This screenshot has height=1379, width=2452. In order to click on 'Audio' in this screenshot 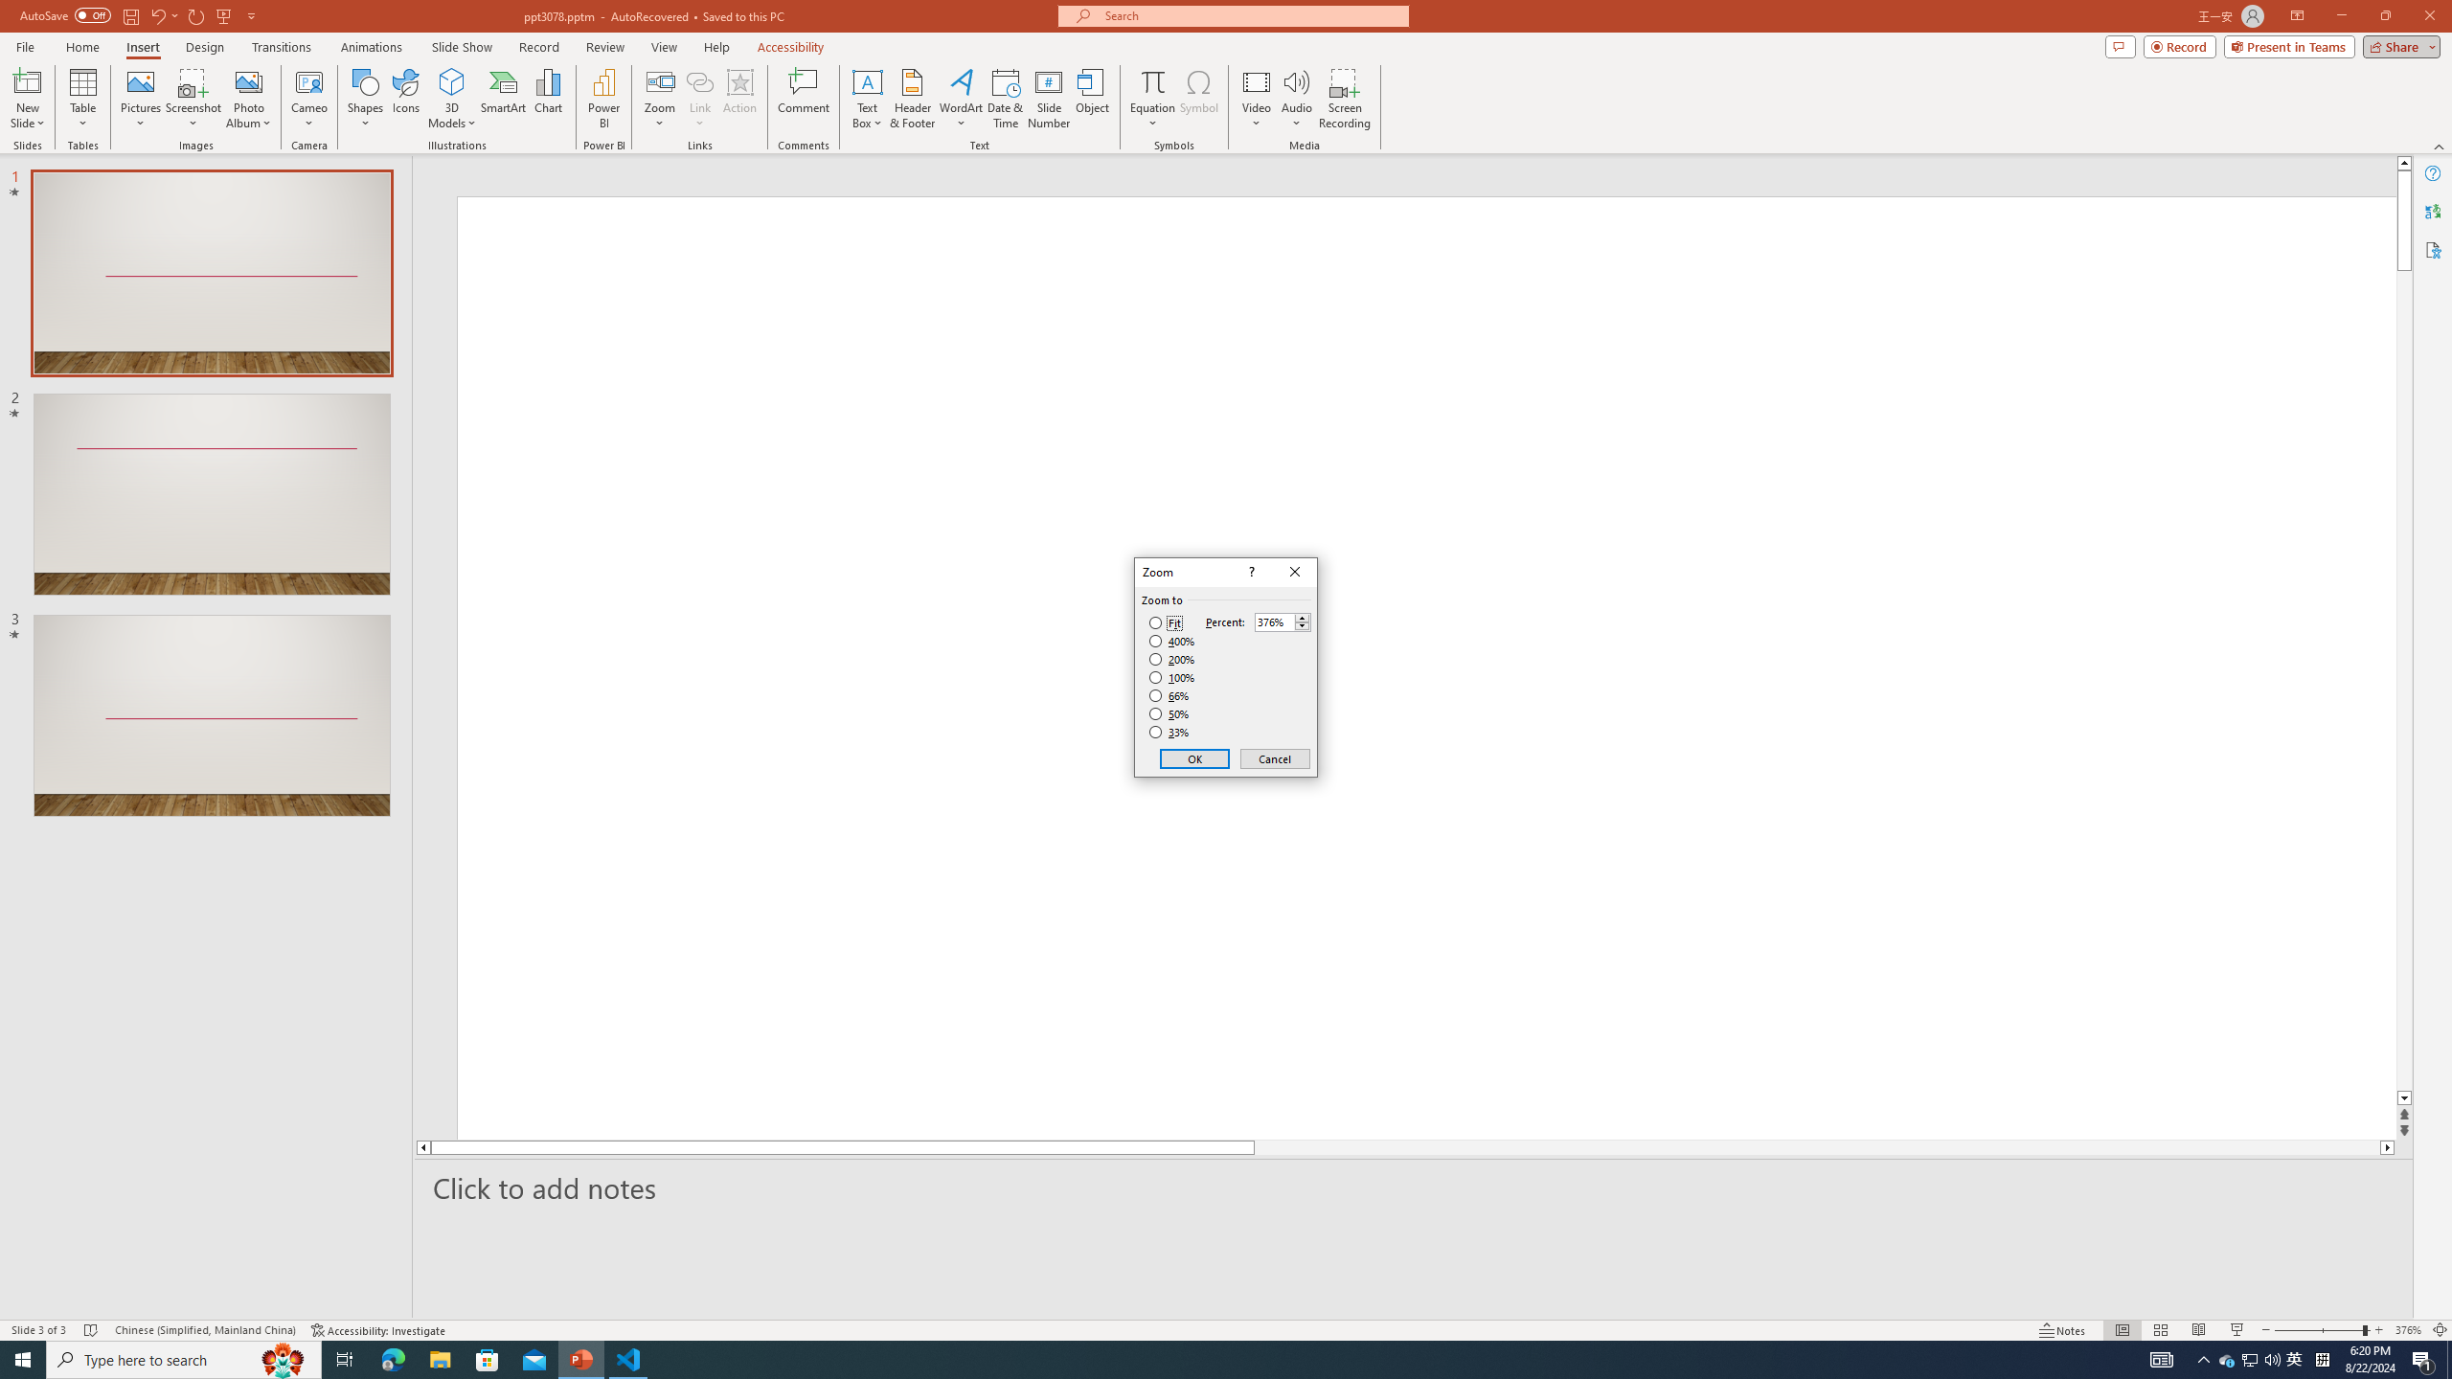, I will do `click(1296, 99)`.